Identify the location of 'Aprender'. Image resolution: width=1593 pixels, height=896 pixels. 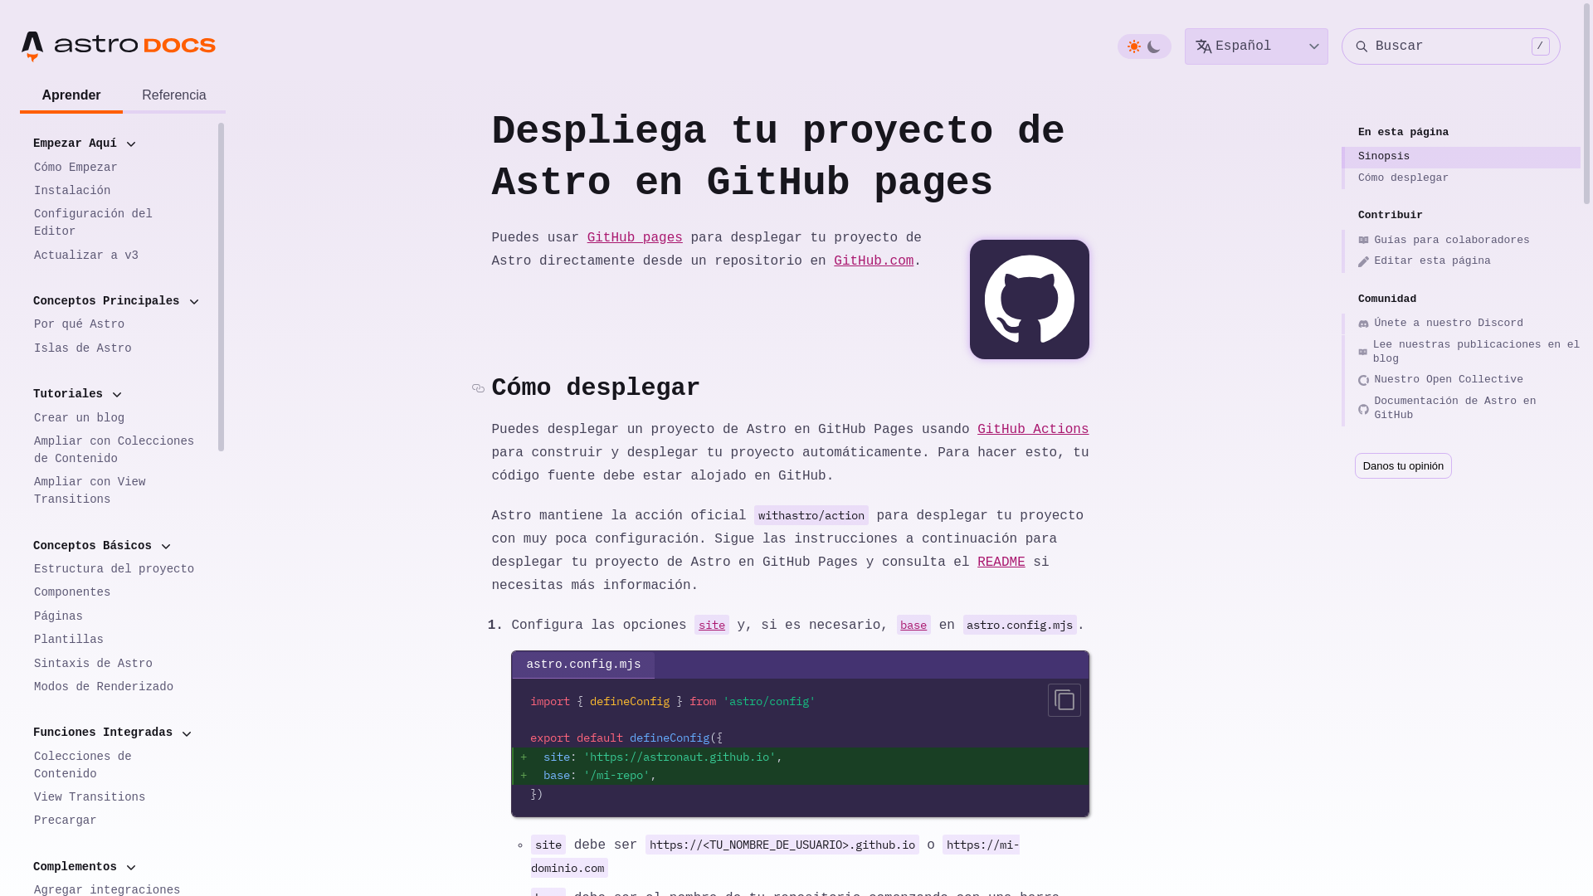
(71, 96).